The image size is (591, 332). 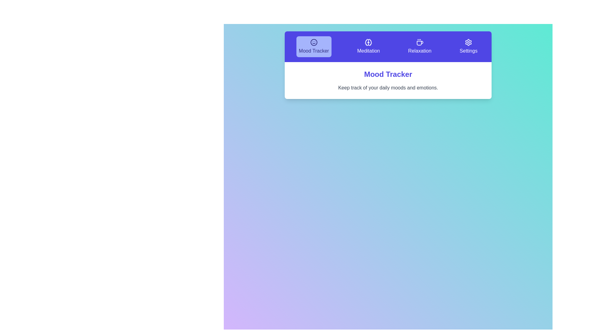 What do you see at coordinates (419, 42) in the screenshot?
I see `the graphical icon representing the 'Relaxation' section in the navigation bar` at bounding box center [419, 42].